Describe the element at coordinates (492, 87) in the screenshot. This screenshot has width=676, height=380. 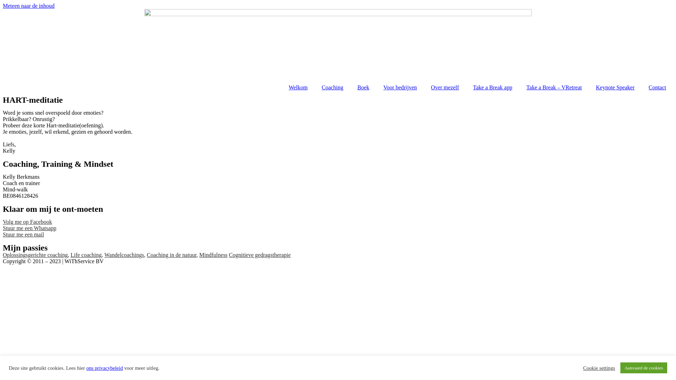
I see `'Take a Break app'` at that location.